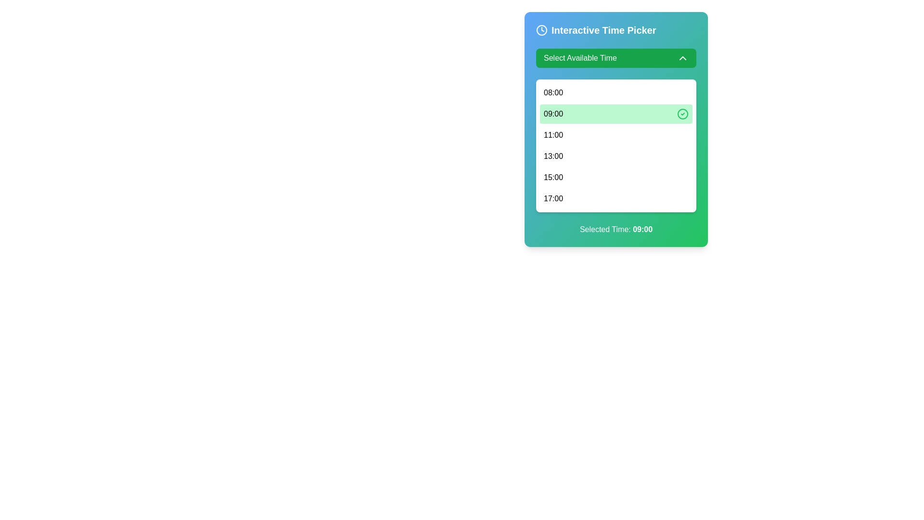  What do you see at coordinates (553, 198) in the screenshot?
I see `the text item displaying '17:00' in the time selection dropdown` at bounding box center [553, 198].